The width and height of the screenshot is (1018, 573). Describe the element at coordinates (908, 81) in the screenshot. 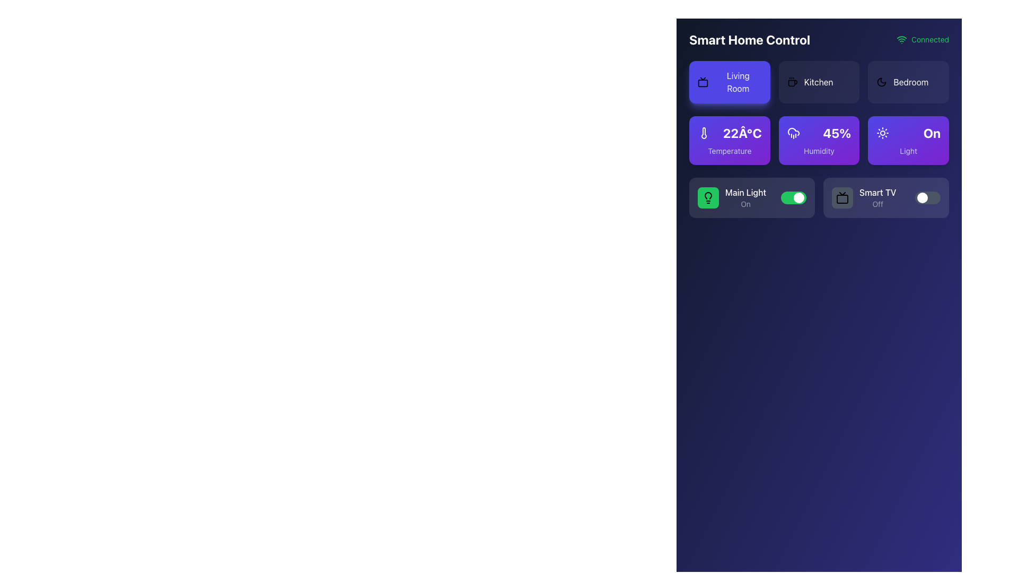

I see `the 'Bedroom' button located at the top-right area of the grid to trigger visual changes` at that location.